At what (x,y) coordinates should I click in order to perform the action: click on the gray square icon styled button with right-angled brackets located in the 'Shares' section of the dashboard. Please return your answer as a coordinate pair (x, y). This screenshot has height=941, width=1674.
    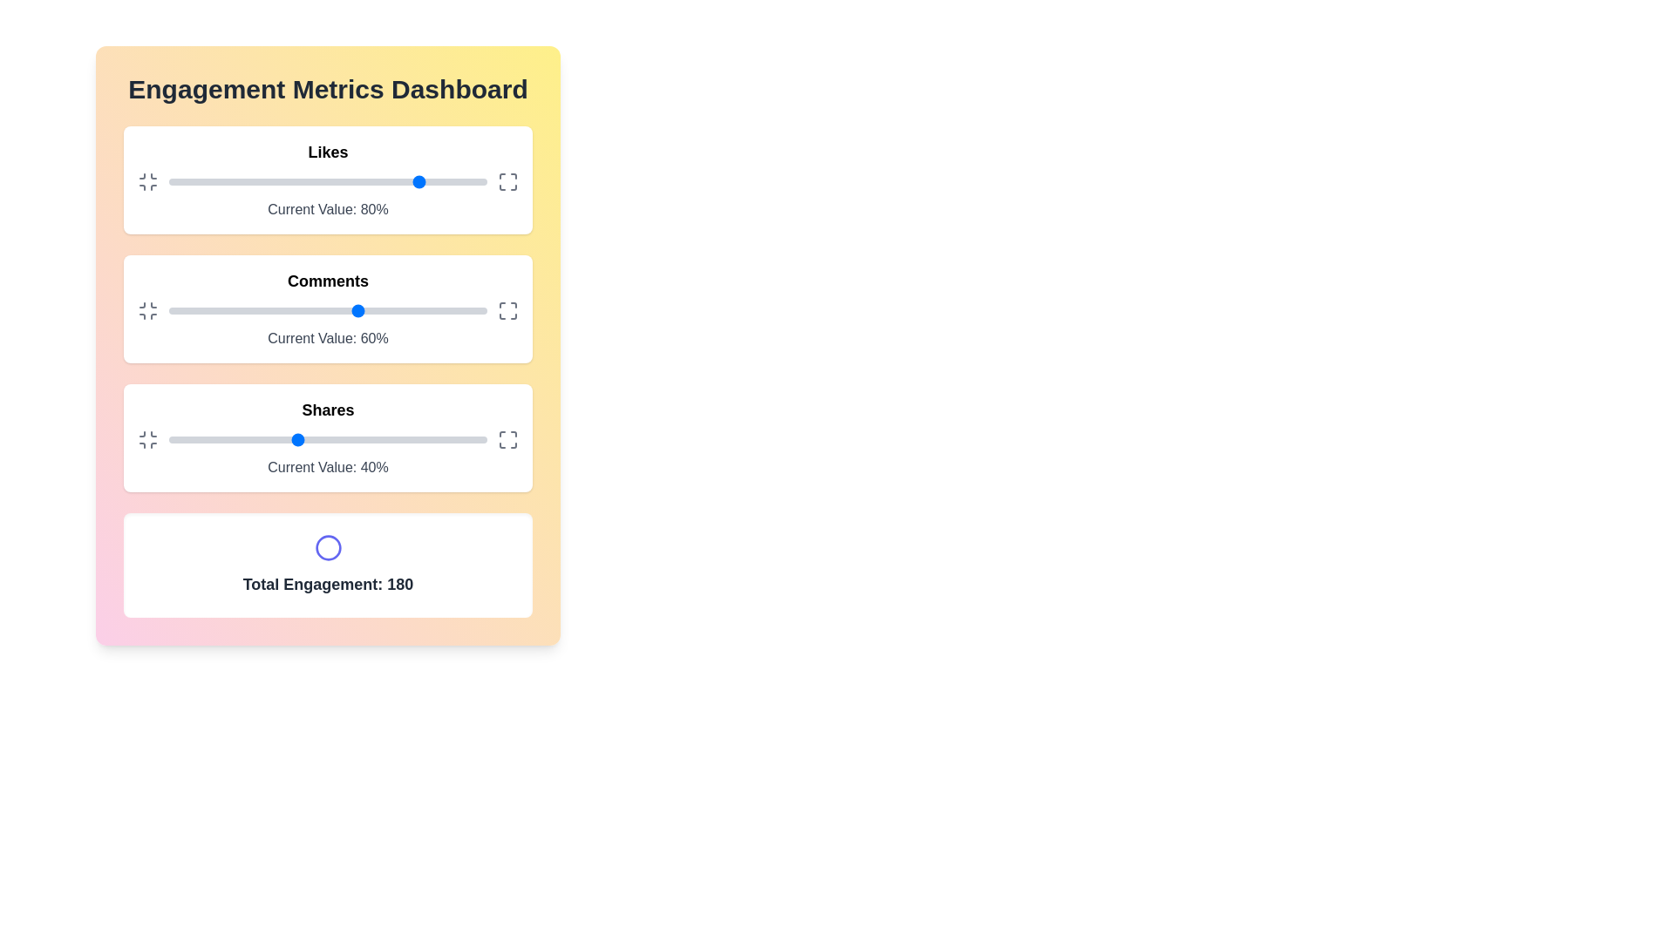
    Looking at the image, I should click on (507, 439).